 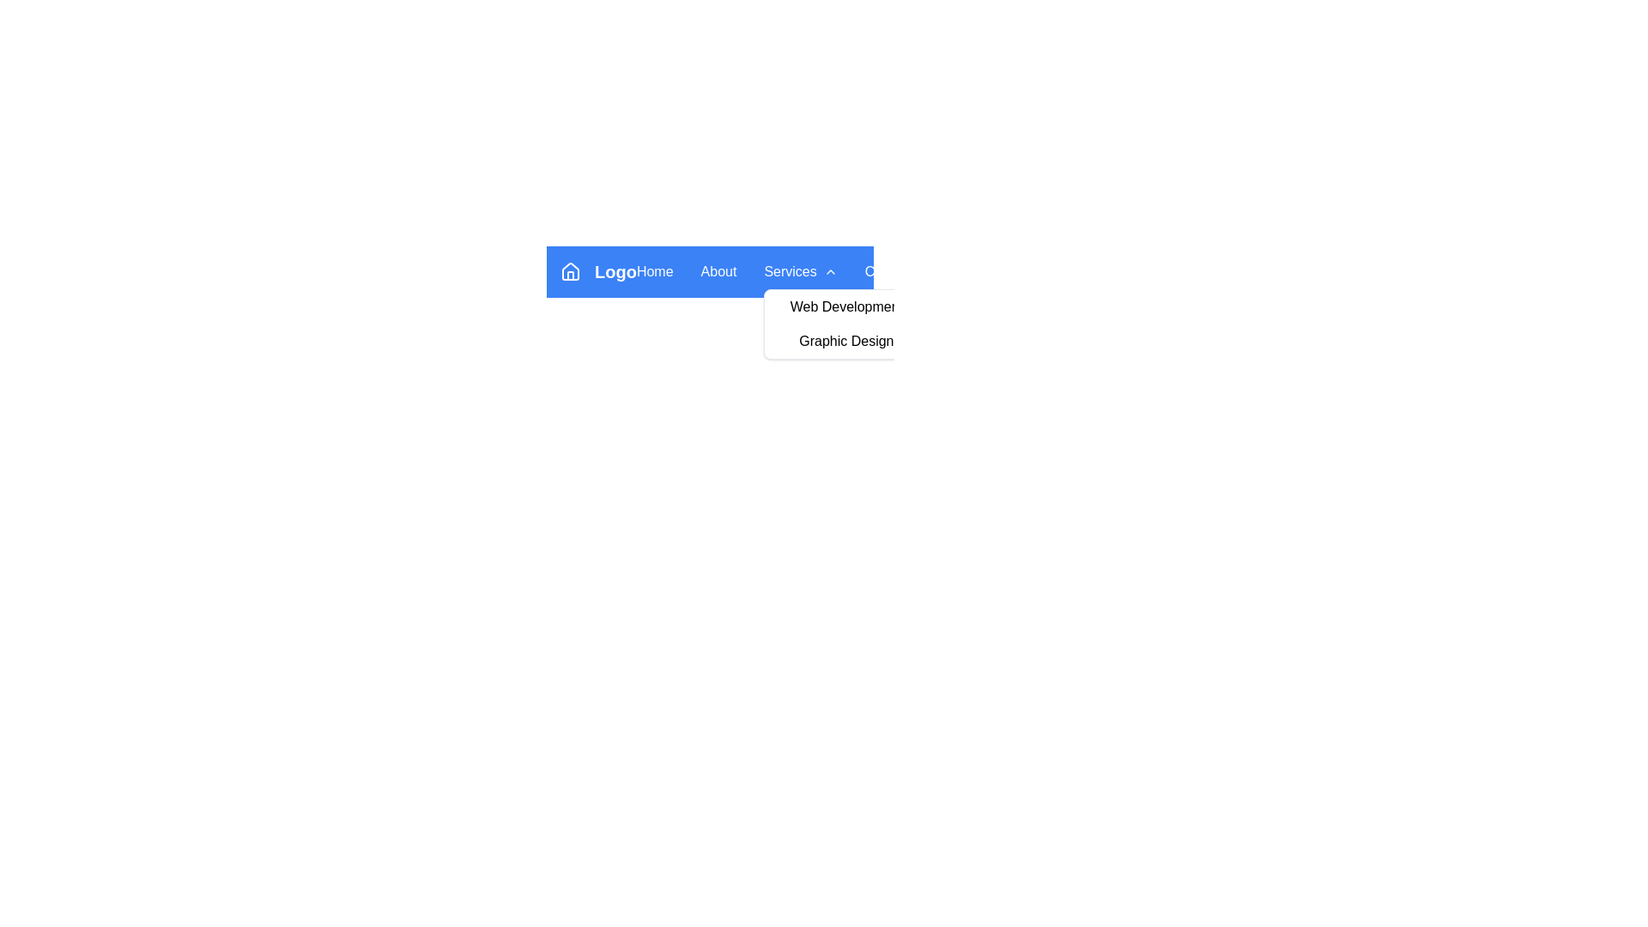 What do you see at coordinates (718, 270) in the screenshot?
I see `'About' hyperlink text which is a white link on a blue background located in the navigation bar, second after 'Home'` at bounding box center [718, 270].